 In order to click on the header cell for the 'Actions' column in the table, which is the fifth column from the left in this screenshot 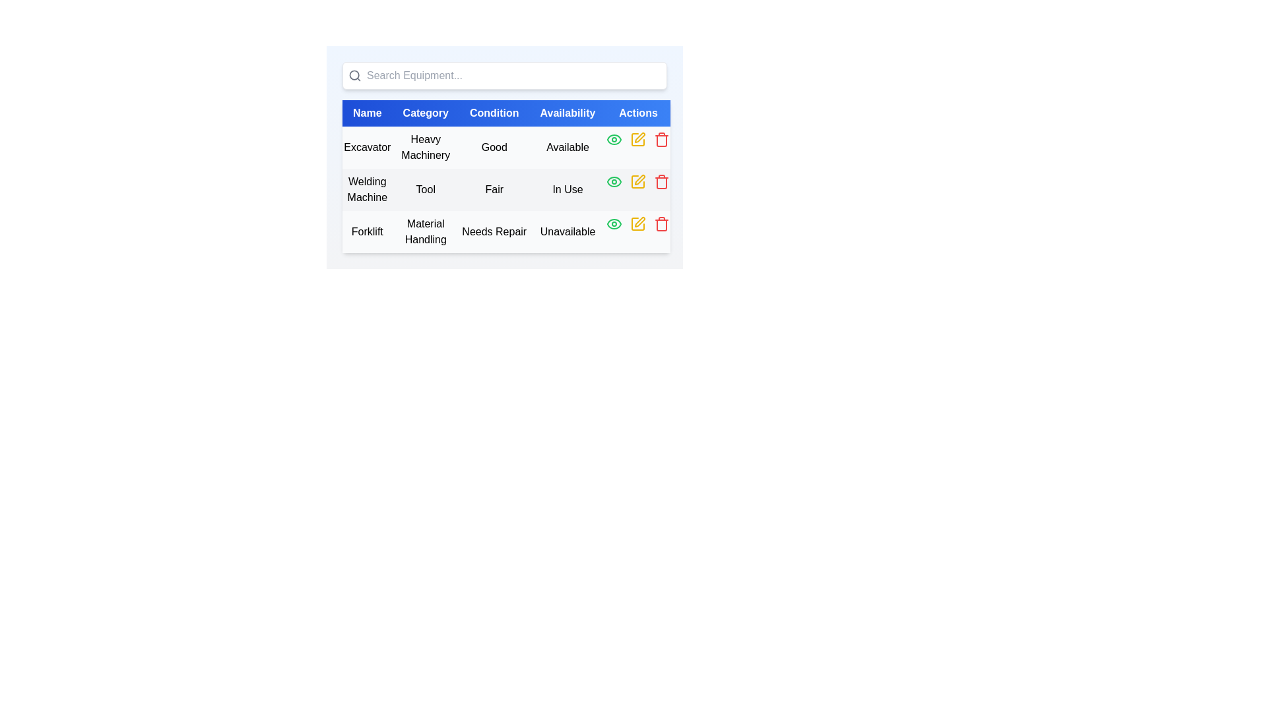, I will do `click(638, 113)`.